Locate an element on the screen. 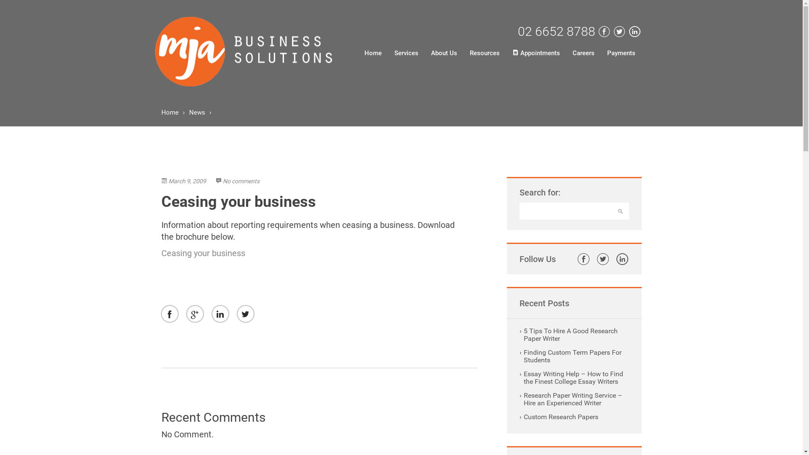 This screenshot has width=809, height=455. 'Finding Custom Term Papers For Students' is located at coordinates (572, 356).